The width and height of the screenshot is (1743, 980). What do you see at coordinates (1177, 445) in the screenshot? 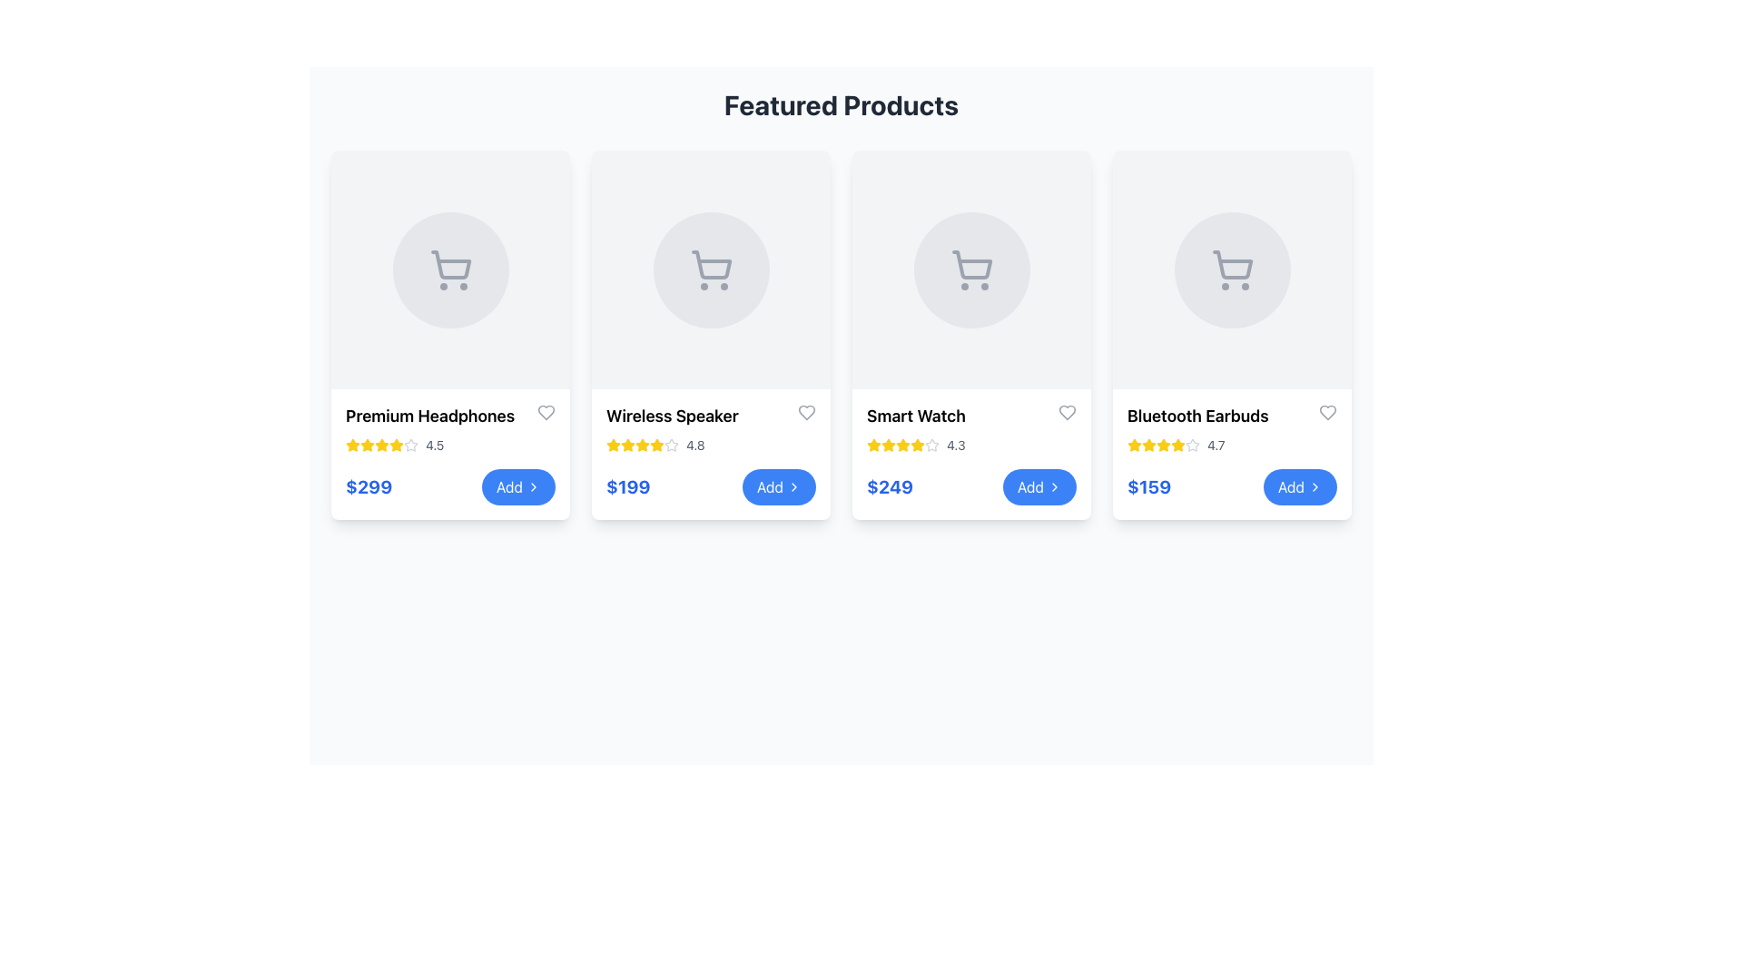
I see `the star icon representing the rating for the 'Bluetooth Earbuds' product, which shows an average rating of '4.7'` at bounding box center [1177, 445].